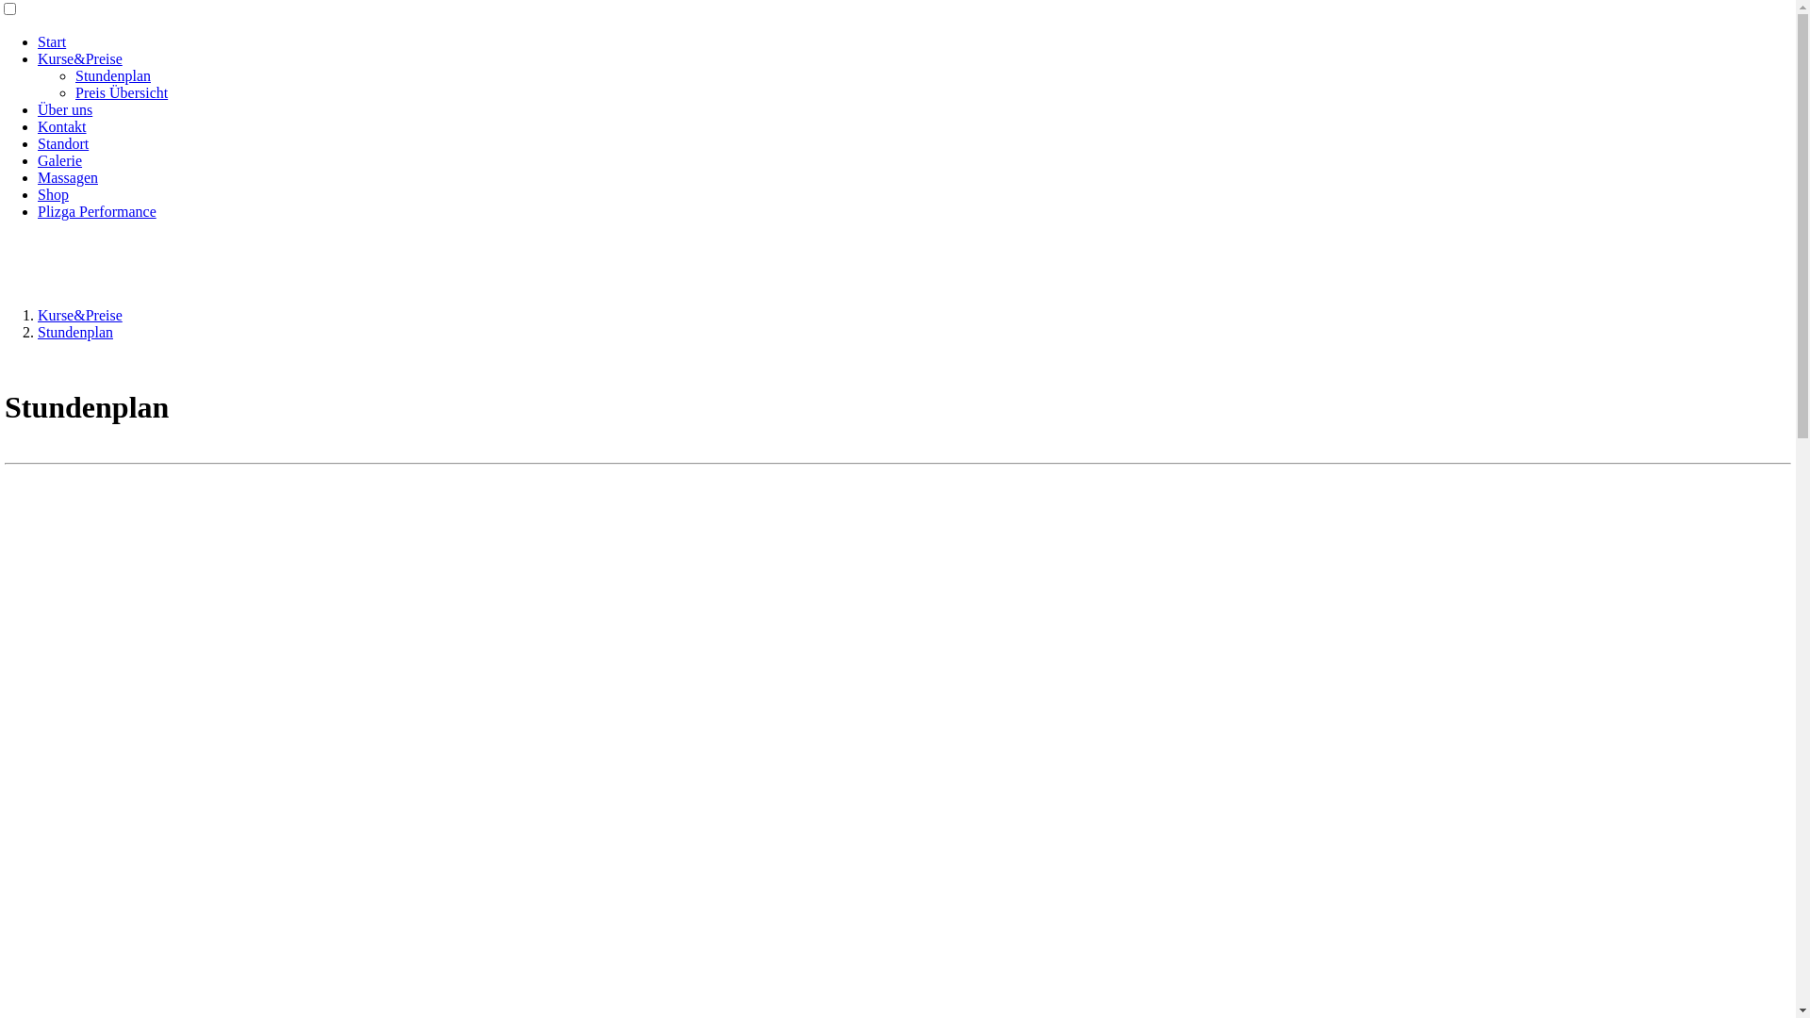 The image size is (1810, 1018). Describe the element at coordinates (37, 314) in the screenshot. I see `'Kurse&Preise'` at that location.